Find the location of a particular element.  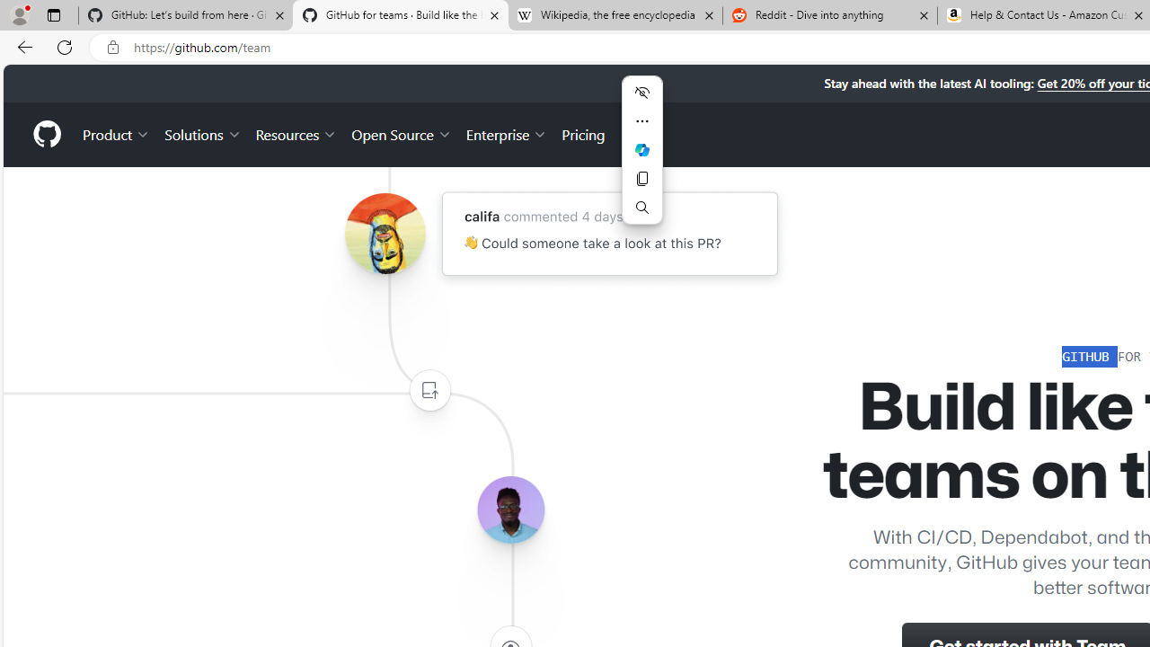

'Avatar of the user califa' is located at coordinates (384, 233).